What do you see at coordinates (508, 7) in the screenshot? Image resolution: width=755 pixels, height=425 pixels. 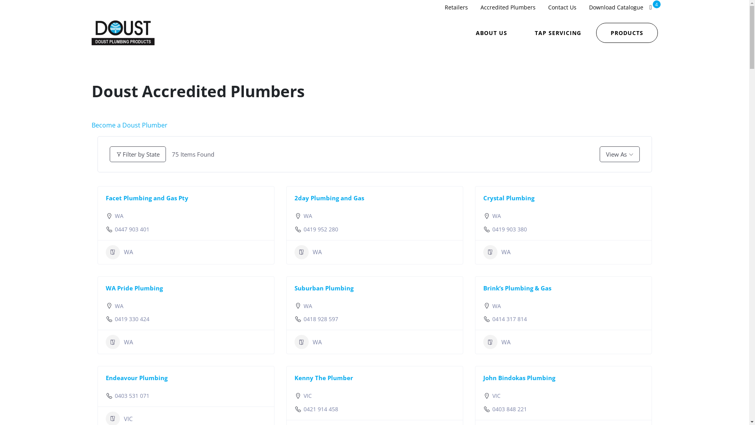 I see `'Accredited Plumbers'` at bounding box center [508, 7].